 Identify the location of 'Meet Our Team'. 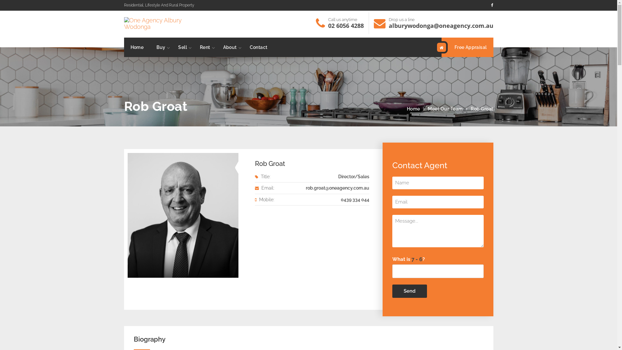
(445, 108).